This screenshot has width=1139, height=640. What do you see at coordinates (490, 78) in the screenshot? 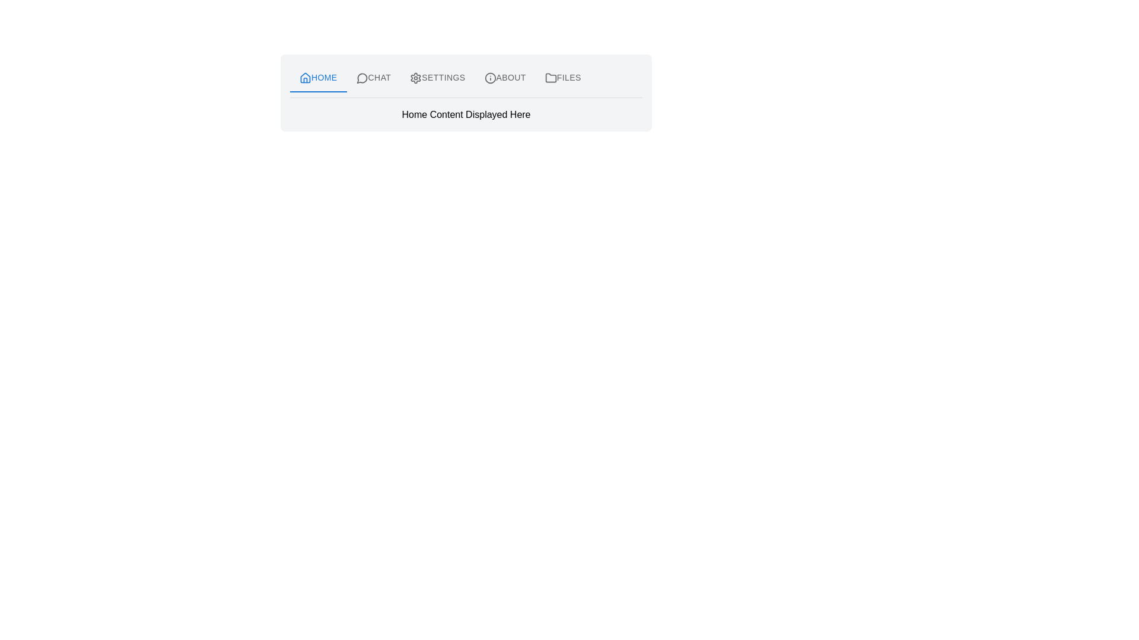
I see `the information icon, which is a circular outline with an 'i' symbol in the center, located in the navigation bar next to the 'About' text` at bounding box center [490, 78].